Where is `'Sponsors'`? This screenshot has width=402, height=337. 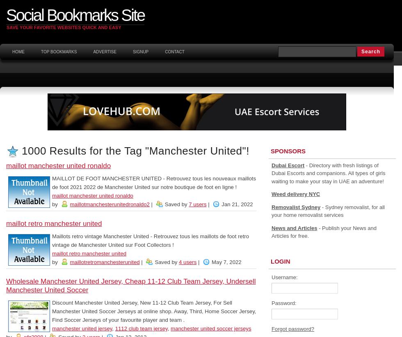 'Sponsors' is located at coordinates (288, 150).